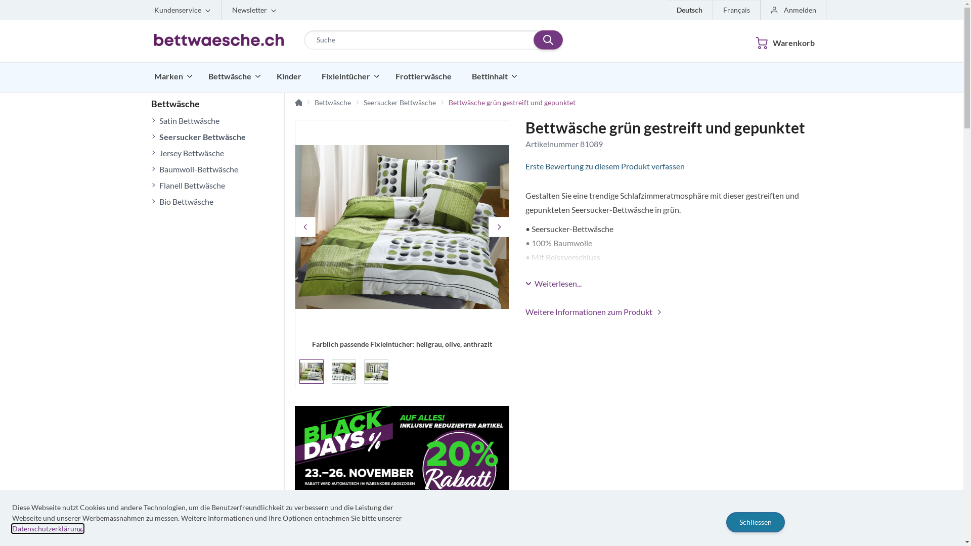 Image resolution: width=971 pixels, height=546 pixels. Describe the element at coordinates (594, 311) in the screenshot. I see `'Weitere Informationen zum Produkt'` at that location.